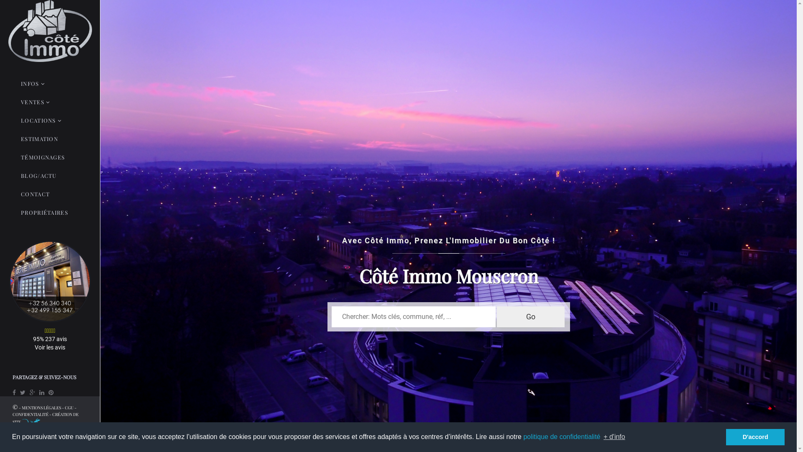  I want to click on 'Accueil', so click(8, 30).